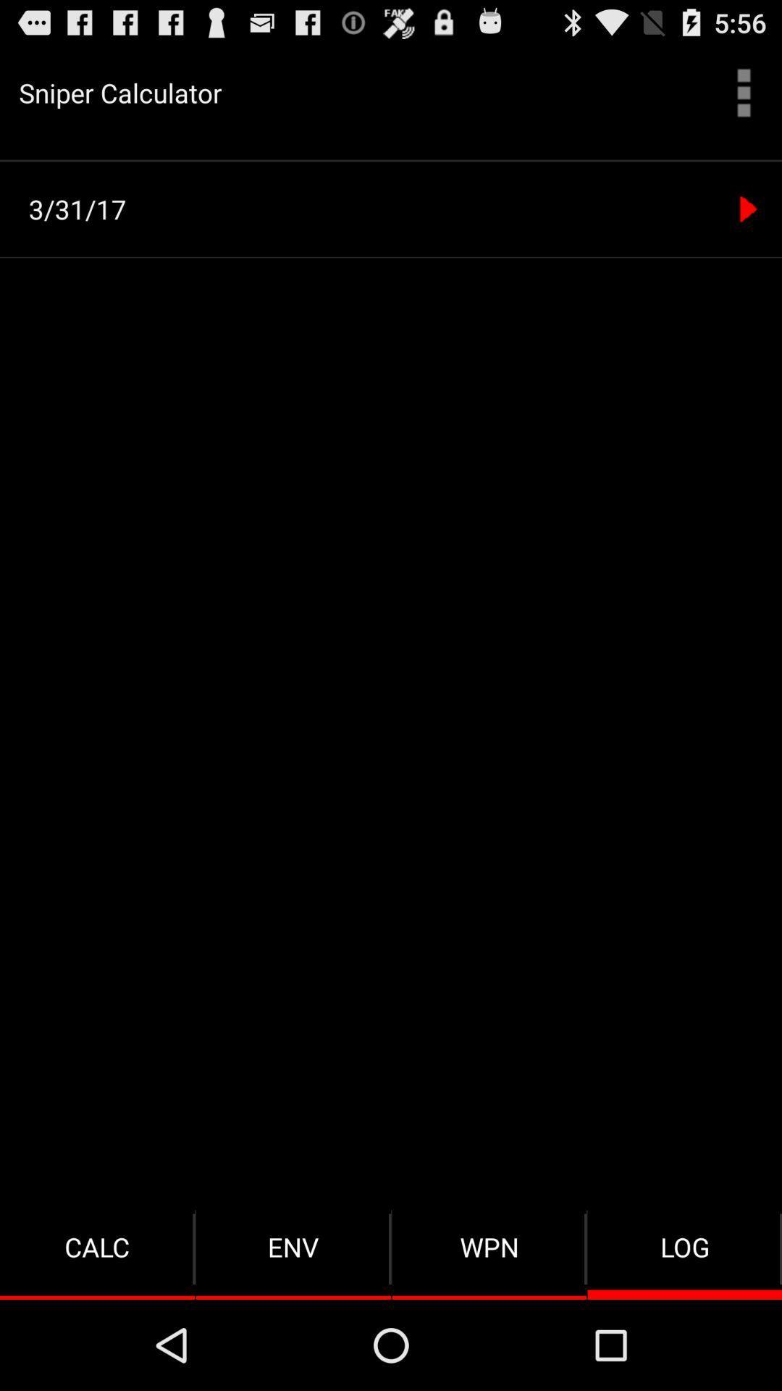 The image size is (782, 1391). What do you see at coordinates (744, 92) in the screenshot?
I see `icon at the top right corner` at bounding box center [744, 92].